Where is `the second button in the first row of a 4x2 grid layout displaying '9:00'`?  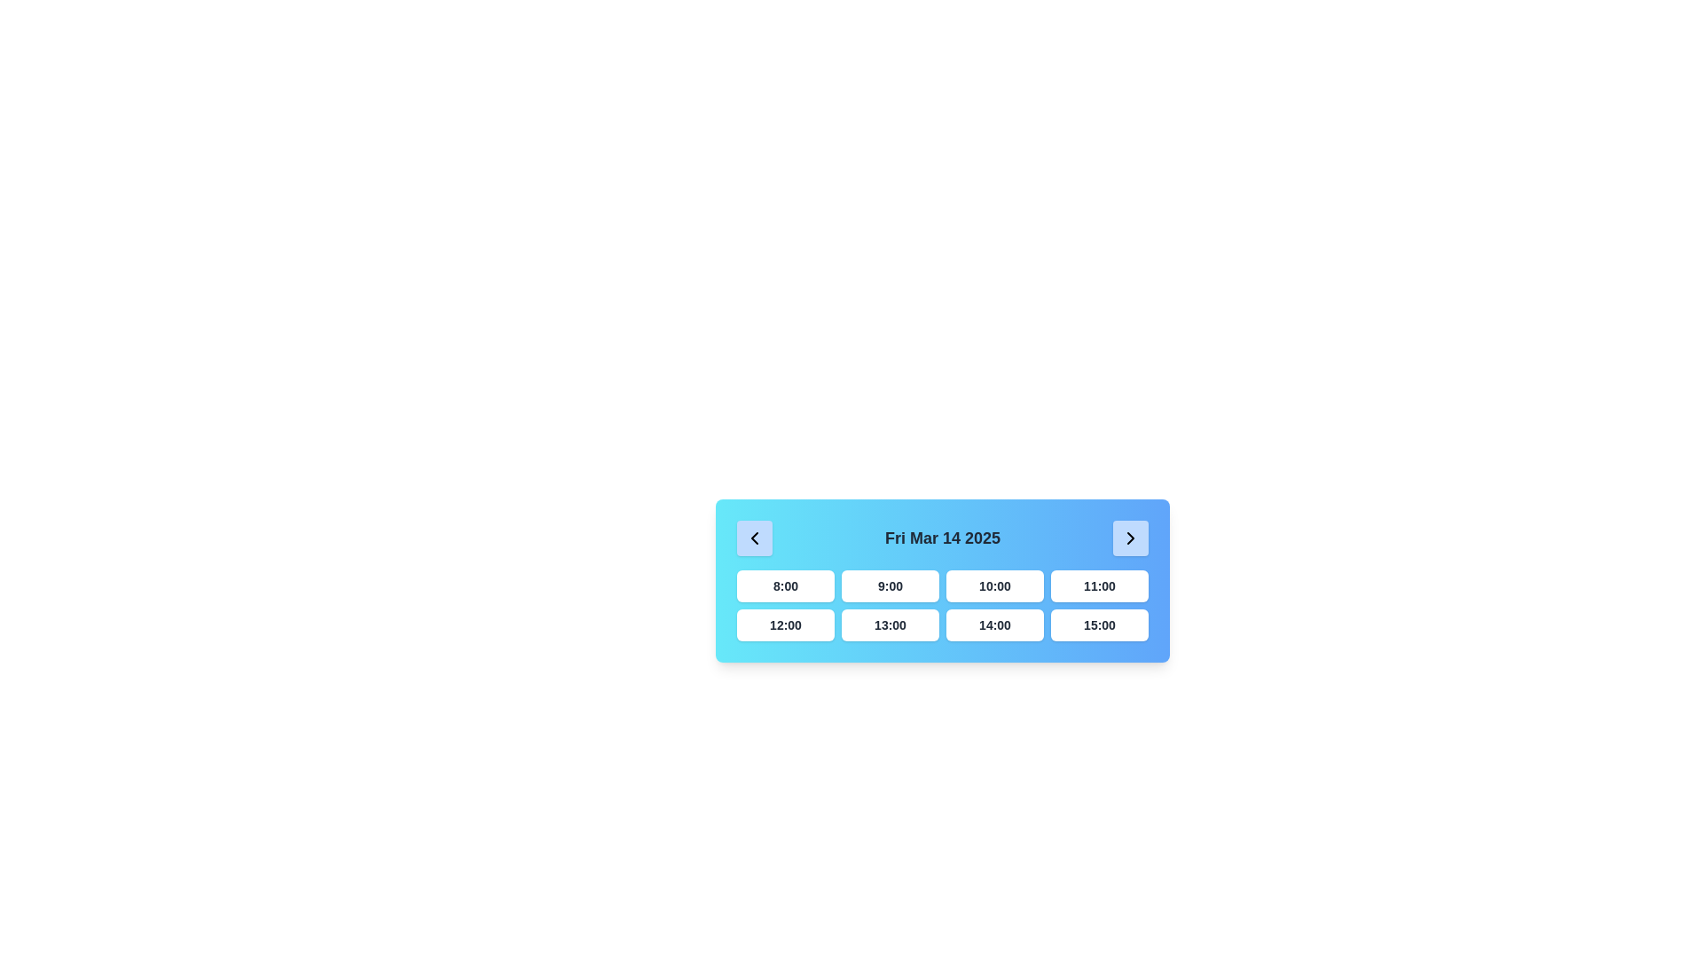 the second button in the first row of a 4x2 grid layout displaying '9:00' is located at coordinates (890, 585).